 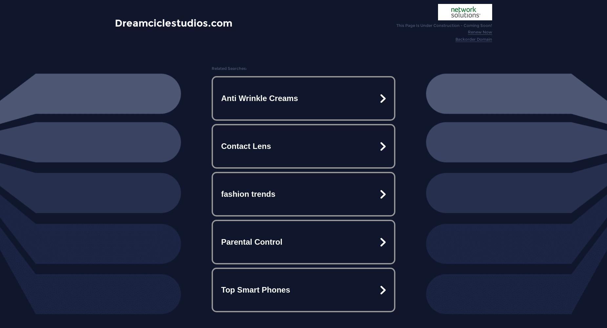 I want to click on 'Contact Lens', so click(x=221, y=146).